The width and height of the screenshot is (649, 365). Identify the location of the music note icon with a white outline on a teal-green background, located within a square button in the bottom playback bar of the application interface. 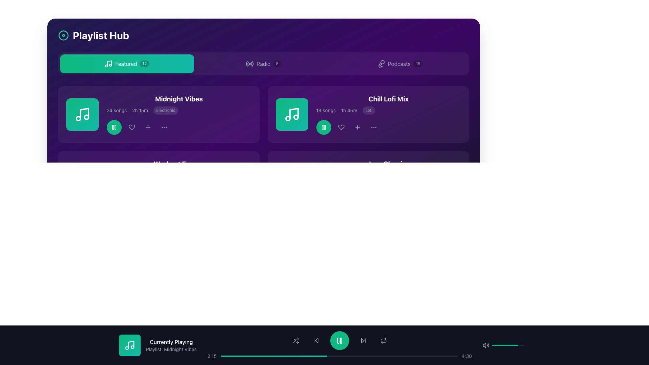
(130, 345).